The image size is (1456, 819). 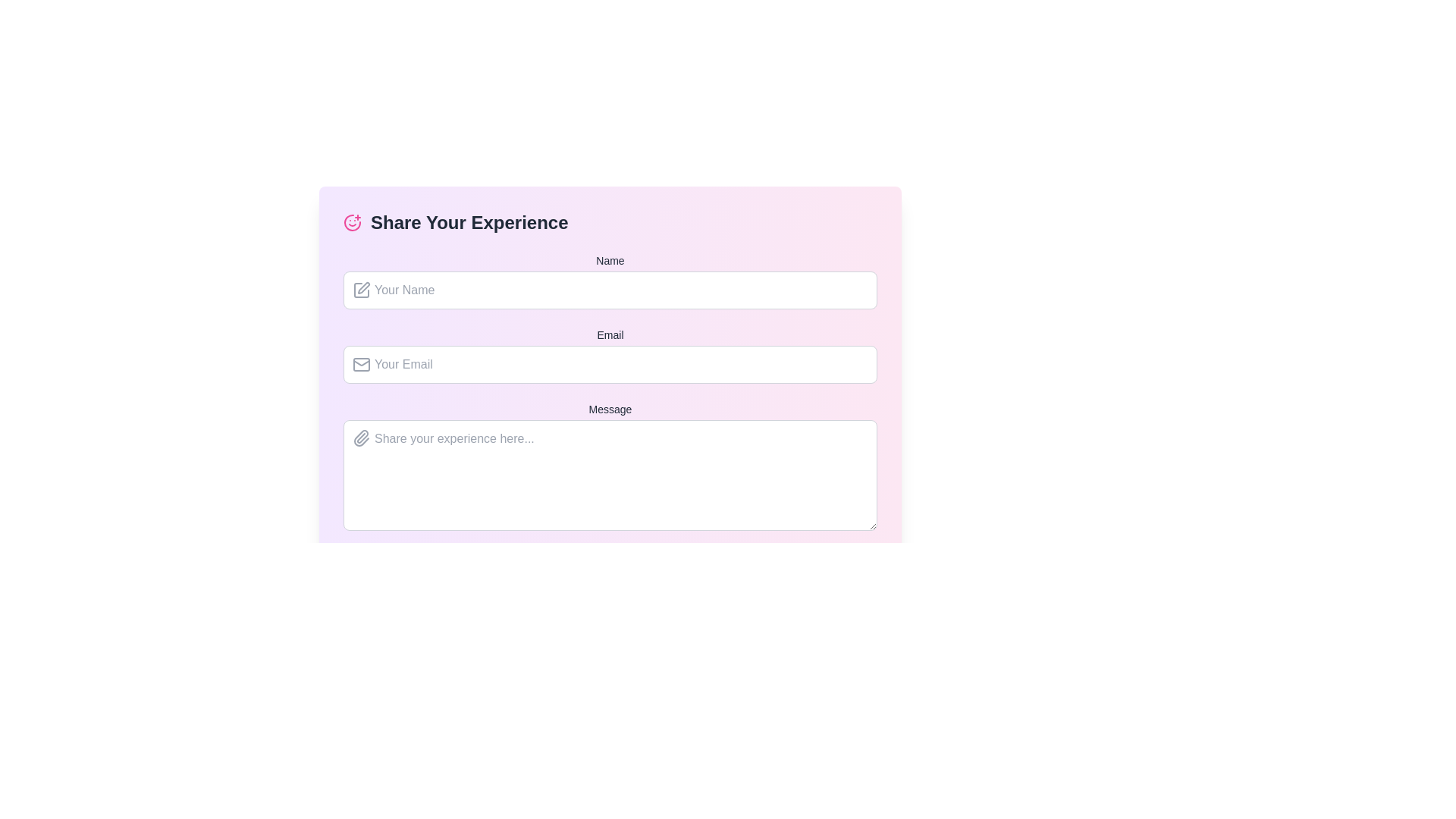 I want to click on the pink circular arc element that is part of a smiling face icon, located to the top left of the 'Share Your Experience' form, so click(x=352, y=222).